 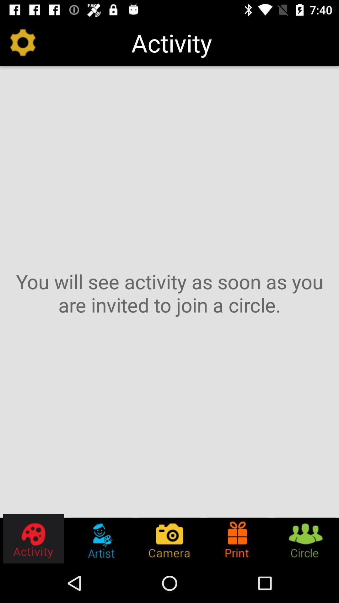 What do you see at coordinates (237, 538) in the screenshot?
I see `icon below you will see` at bounding box center [237, 538].